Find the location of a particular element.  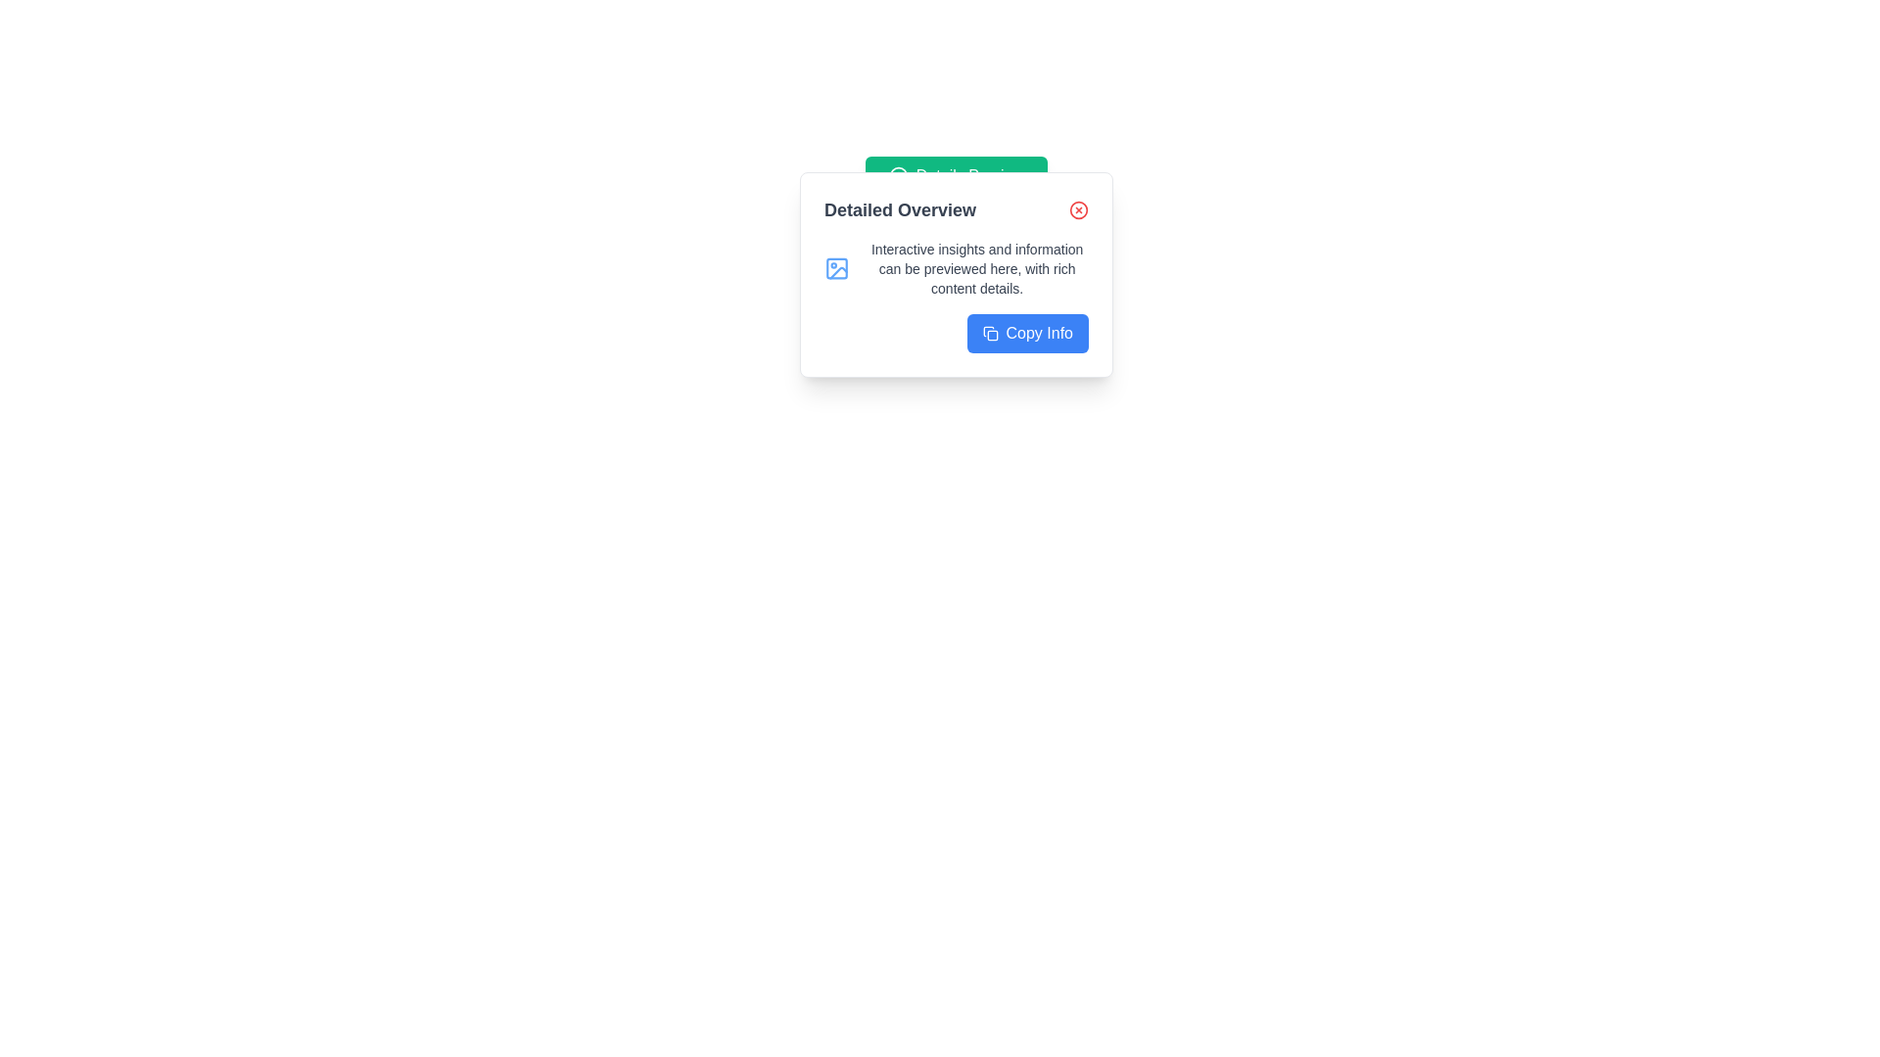

the blue image icon with rounded corners, located within the 'Detailed Overview' card, to the left of the text describing interactive insights is located at coordinates (837, 268).